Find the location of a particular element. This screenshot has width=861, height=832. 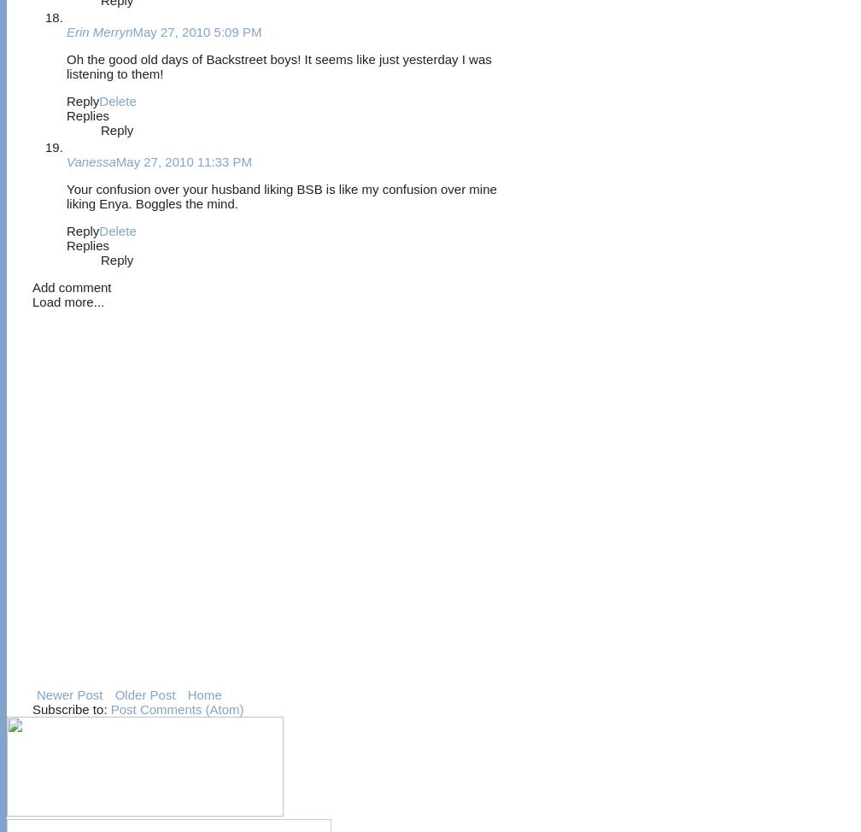

'Home' is located at coordinates (203, 694).